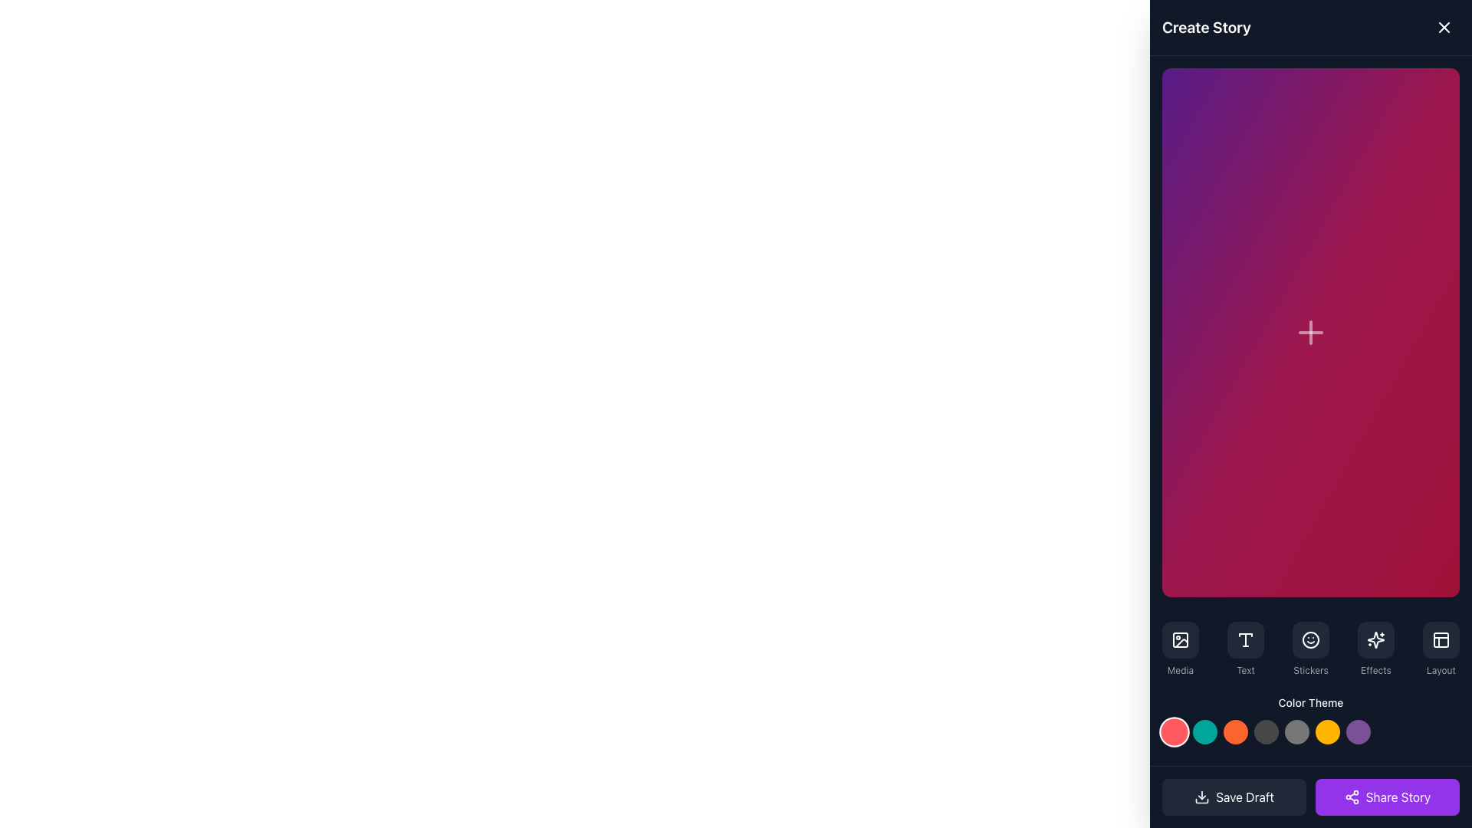  Describe the element at coordinates (1296, 730) in the screenshot. I see `the small circular grey button located in the bottom-right section of the interface` at that location.